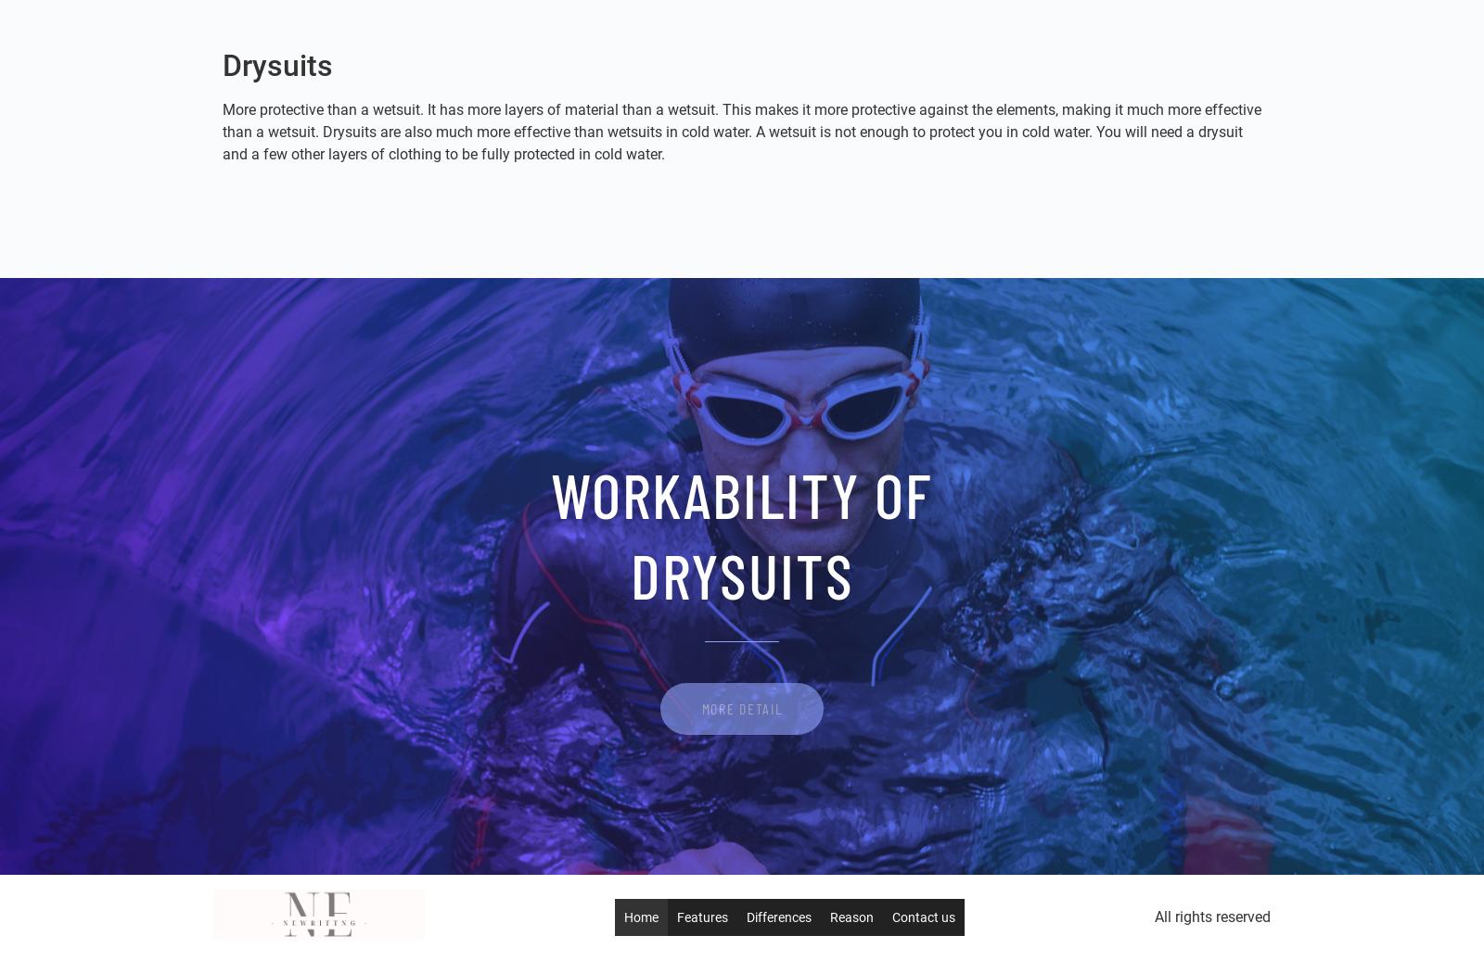 The width and height of the screenshot is (1484, 961). Describe the element at coordinates (745, 917) in the screenshot. I see `'Differences'` at that location.